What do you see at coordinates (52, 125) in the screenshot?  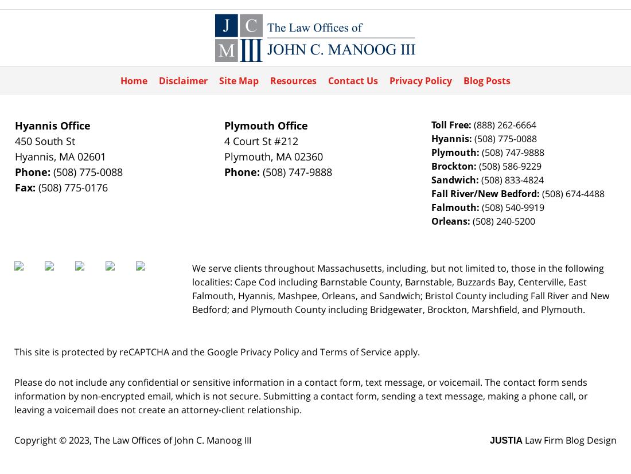 I see `'Hyannis Office'` at bounding box center [52, 125].